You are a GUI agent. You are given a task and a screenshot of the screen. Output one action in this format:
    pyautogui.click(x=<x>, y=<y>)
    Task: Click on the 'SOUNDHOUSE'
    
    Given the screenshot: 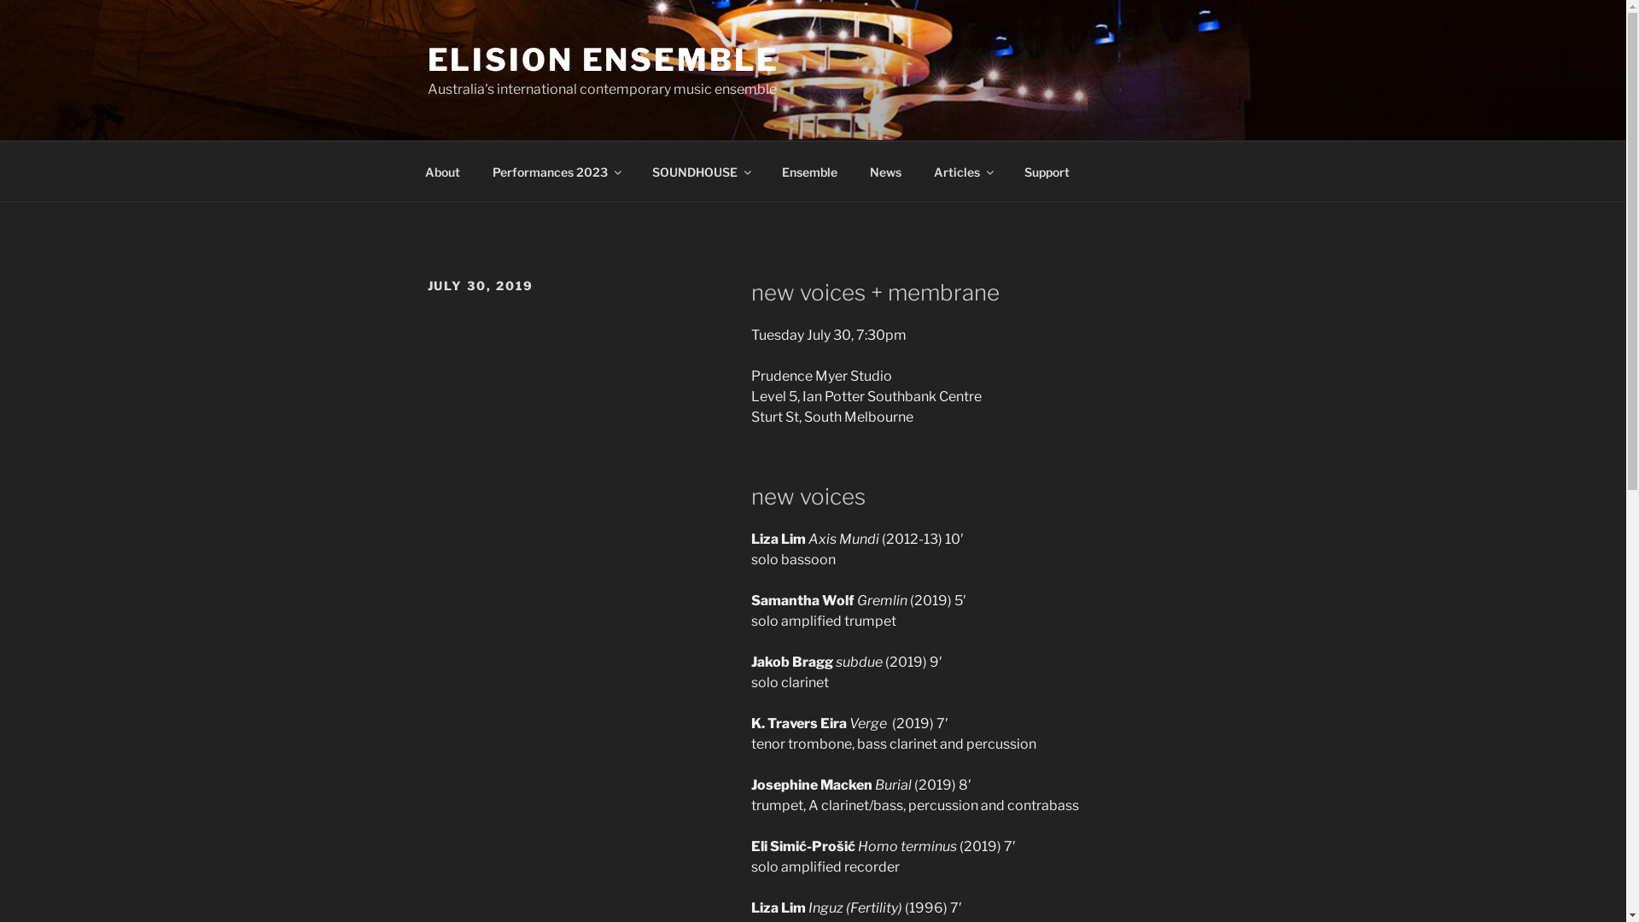 What is the action you would take?
    pyautogui.click(x=700, y=171)
    